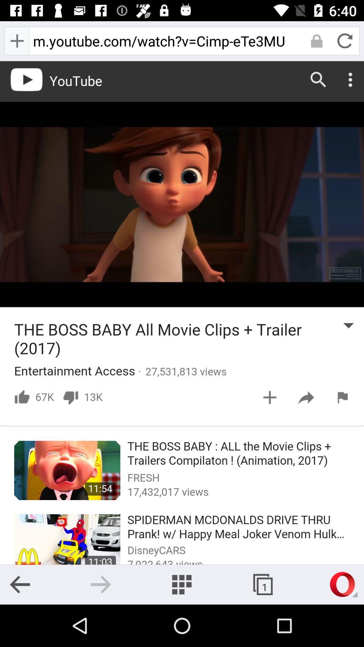 The image size is (364, 647). Describe the element at coordinates (101, 584) in the screenshot. I see `the arrow_forward icon` at that location.